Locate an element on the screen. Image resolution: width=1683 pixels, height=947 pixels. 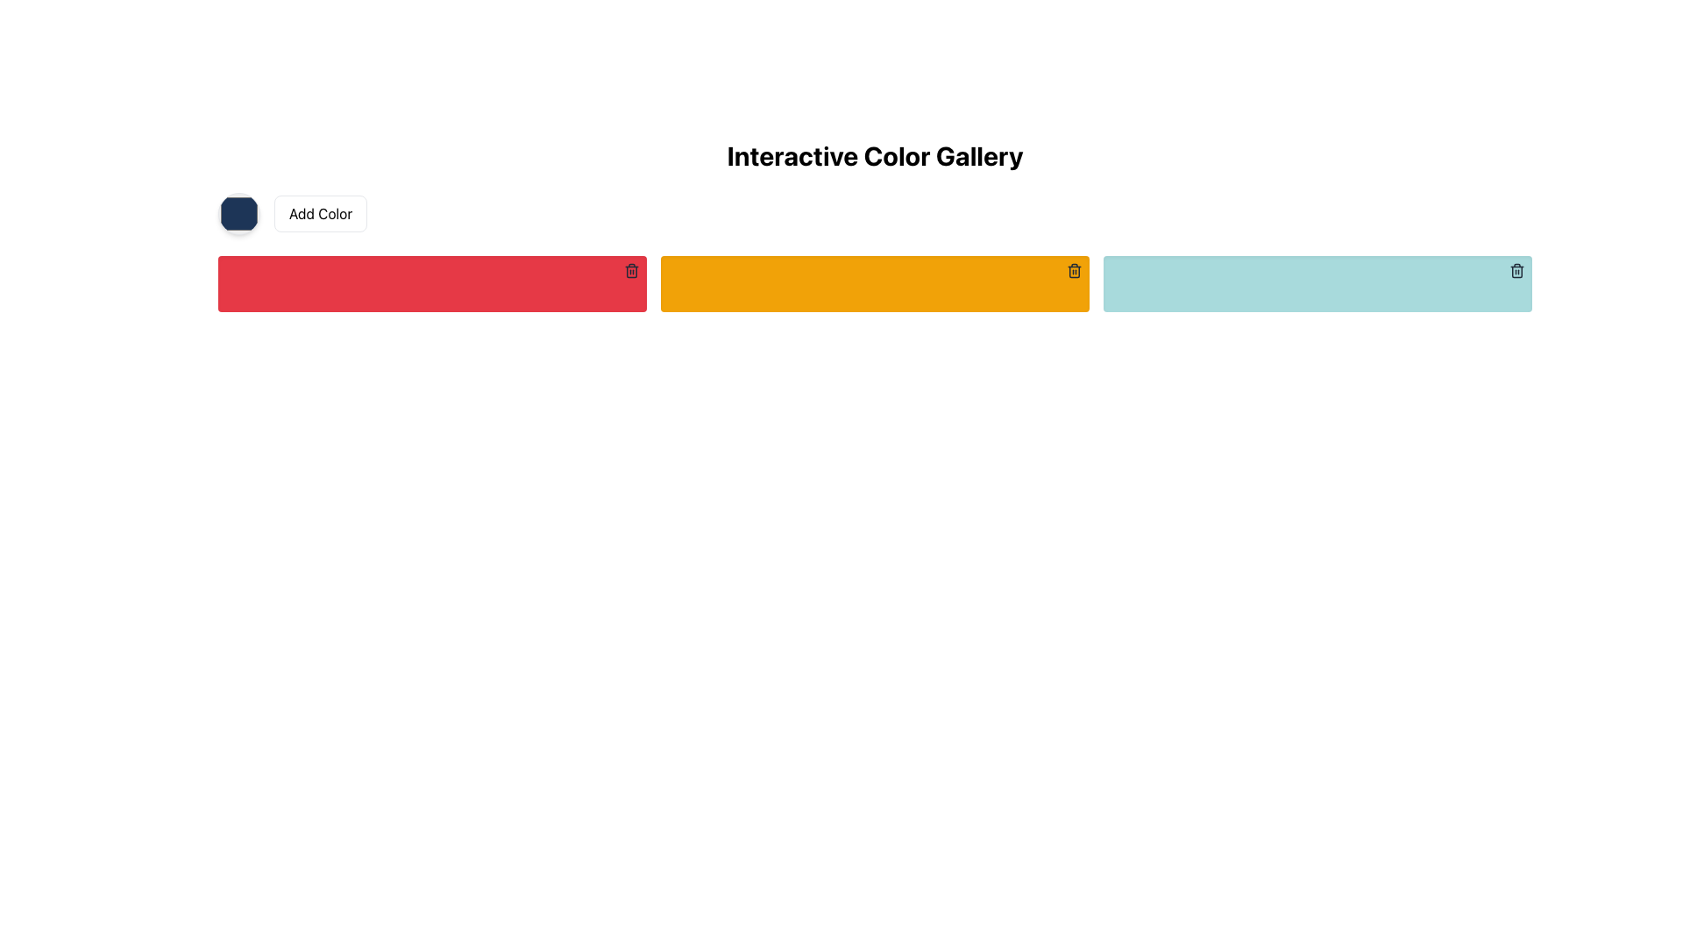
the trash can icon located in the top-right corner of the red rectangular block is located at coordinates (631, 272).